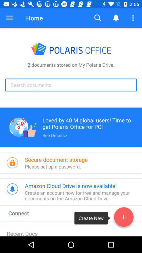  I want to click on item above recent docs icon, so click(23, 213).